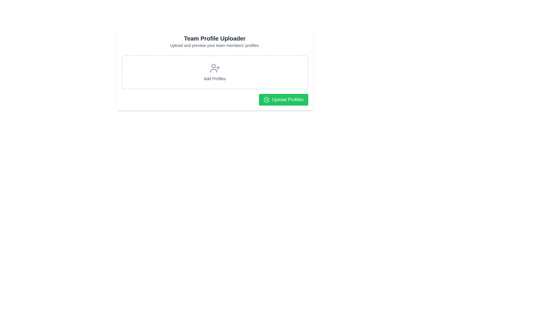 This screenshot has height=315, width=560. Describe the element at coordinates (214, 38) in the screenshot. I see `the bold title 'Team Profile Uploader' positioned at the top-center of the panel` at that location.